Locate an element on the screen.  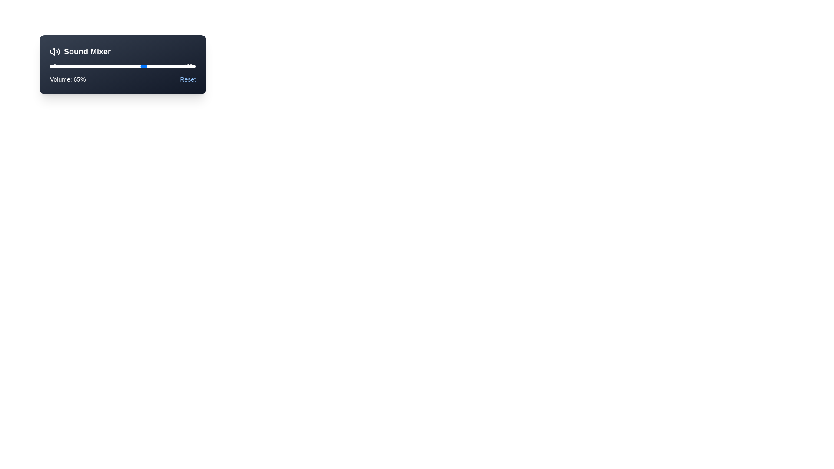
the slider to set the volume to 96% is located at coordinates (189, 66).